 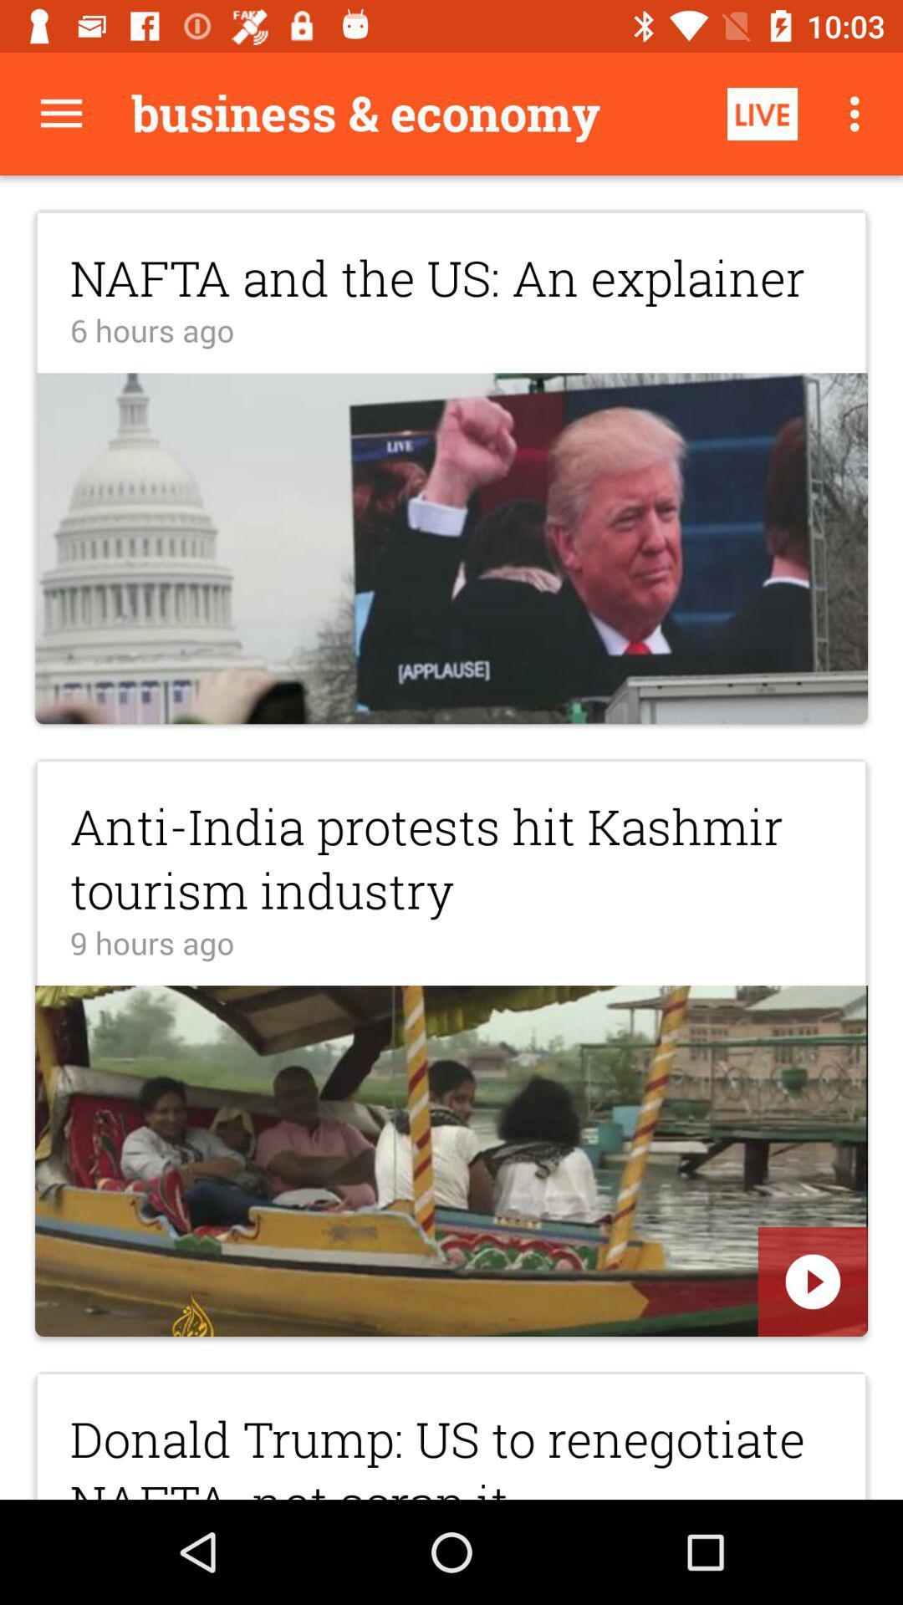 I want to click on open menu, so click(x=60, y=113).